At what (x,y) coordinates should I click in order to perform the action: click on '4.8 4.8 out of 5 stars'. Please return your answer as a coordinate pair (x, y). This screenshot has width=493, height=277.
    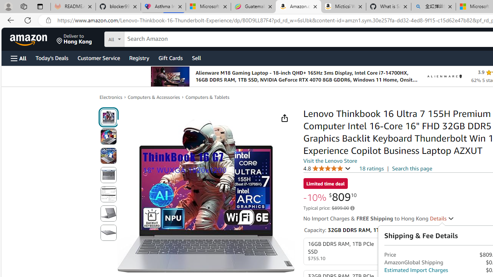
    Looking at the image, I should click on (327, 168).